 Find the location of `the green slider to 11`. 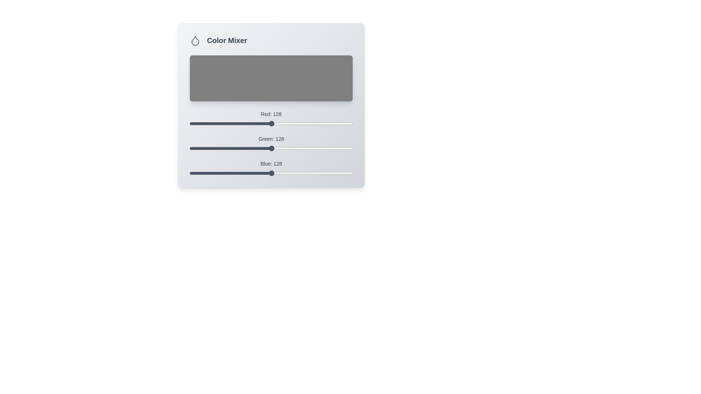

the green slider to 11 is located at coordinates (196, 148).